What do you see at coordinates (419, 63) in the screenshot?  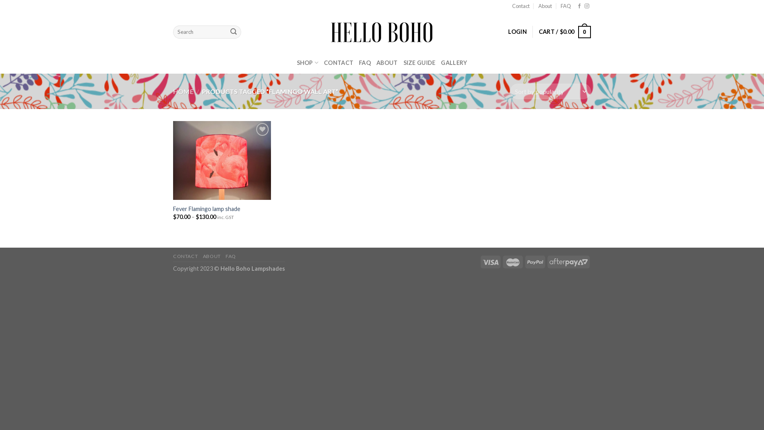 I see `'SIZE GUIDE'` at bounding box center [419, 63].